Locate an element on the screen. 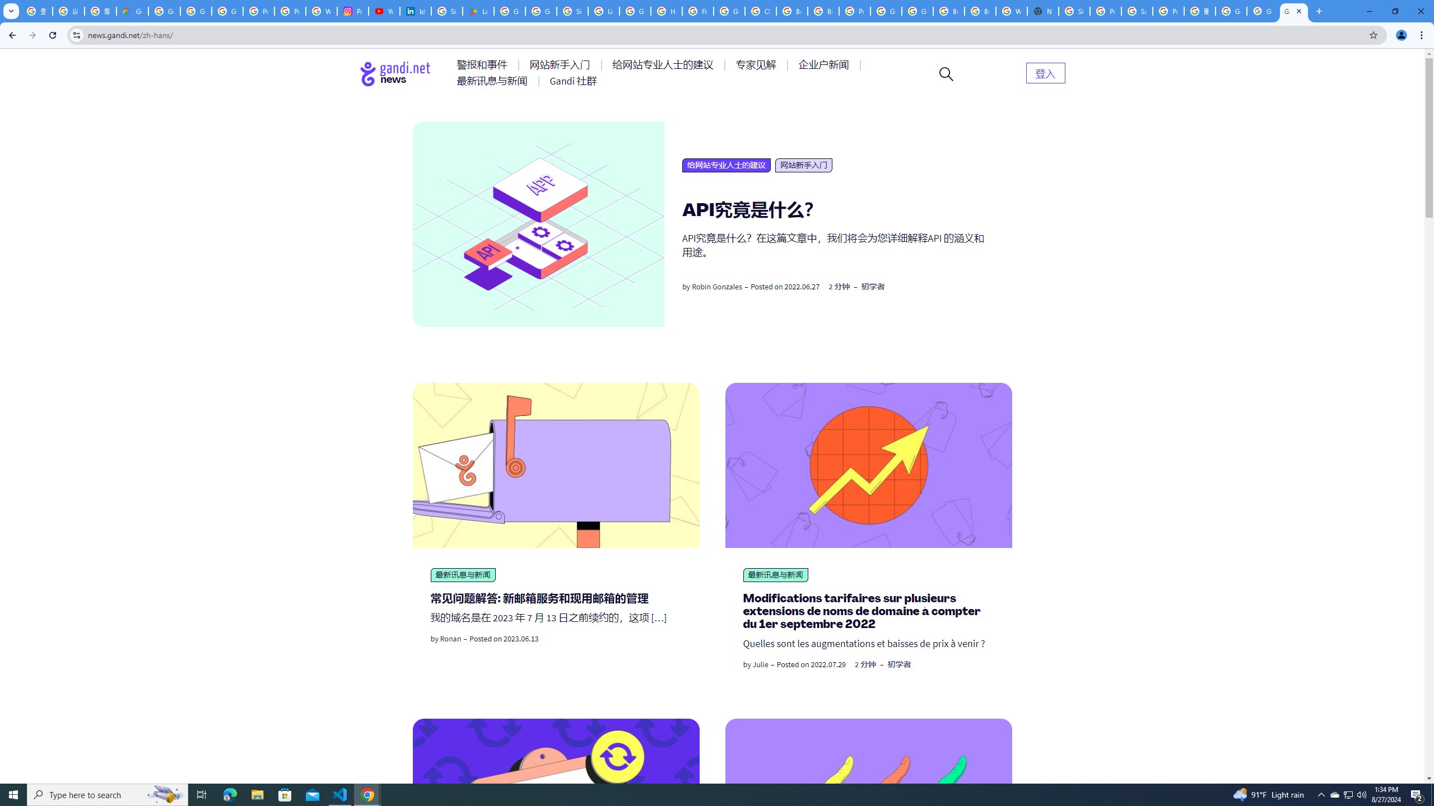 The width and height of the screenshot is (1434, 806). 'How do I create a new Google Account? - Google Account Help' is located at coordinates (666, 11).